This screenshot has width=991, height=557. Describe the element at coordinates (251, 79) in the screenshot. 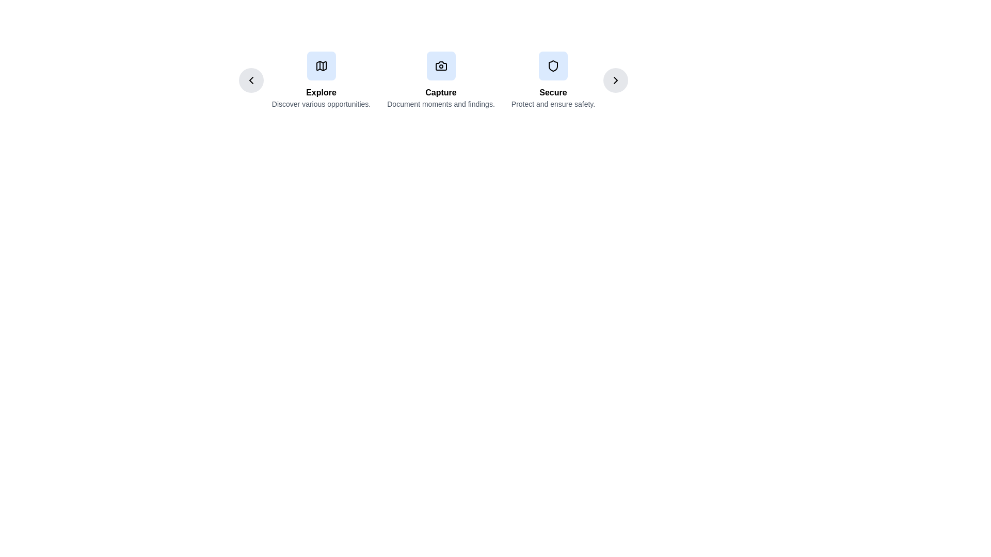

I see `the arrow icon located on the far left side of the interface, adjacent to a circular button, which is used for navigating to a previous menu or page` at that location.